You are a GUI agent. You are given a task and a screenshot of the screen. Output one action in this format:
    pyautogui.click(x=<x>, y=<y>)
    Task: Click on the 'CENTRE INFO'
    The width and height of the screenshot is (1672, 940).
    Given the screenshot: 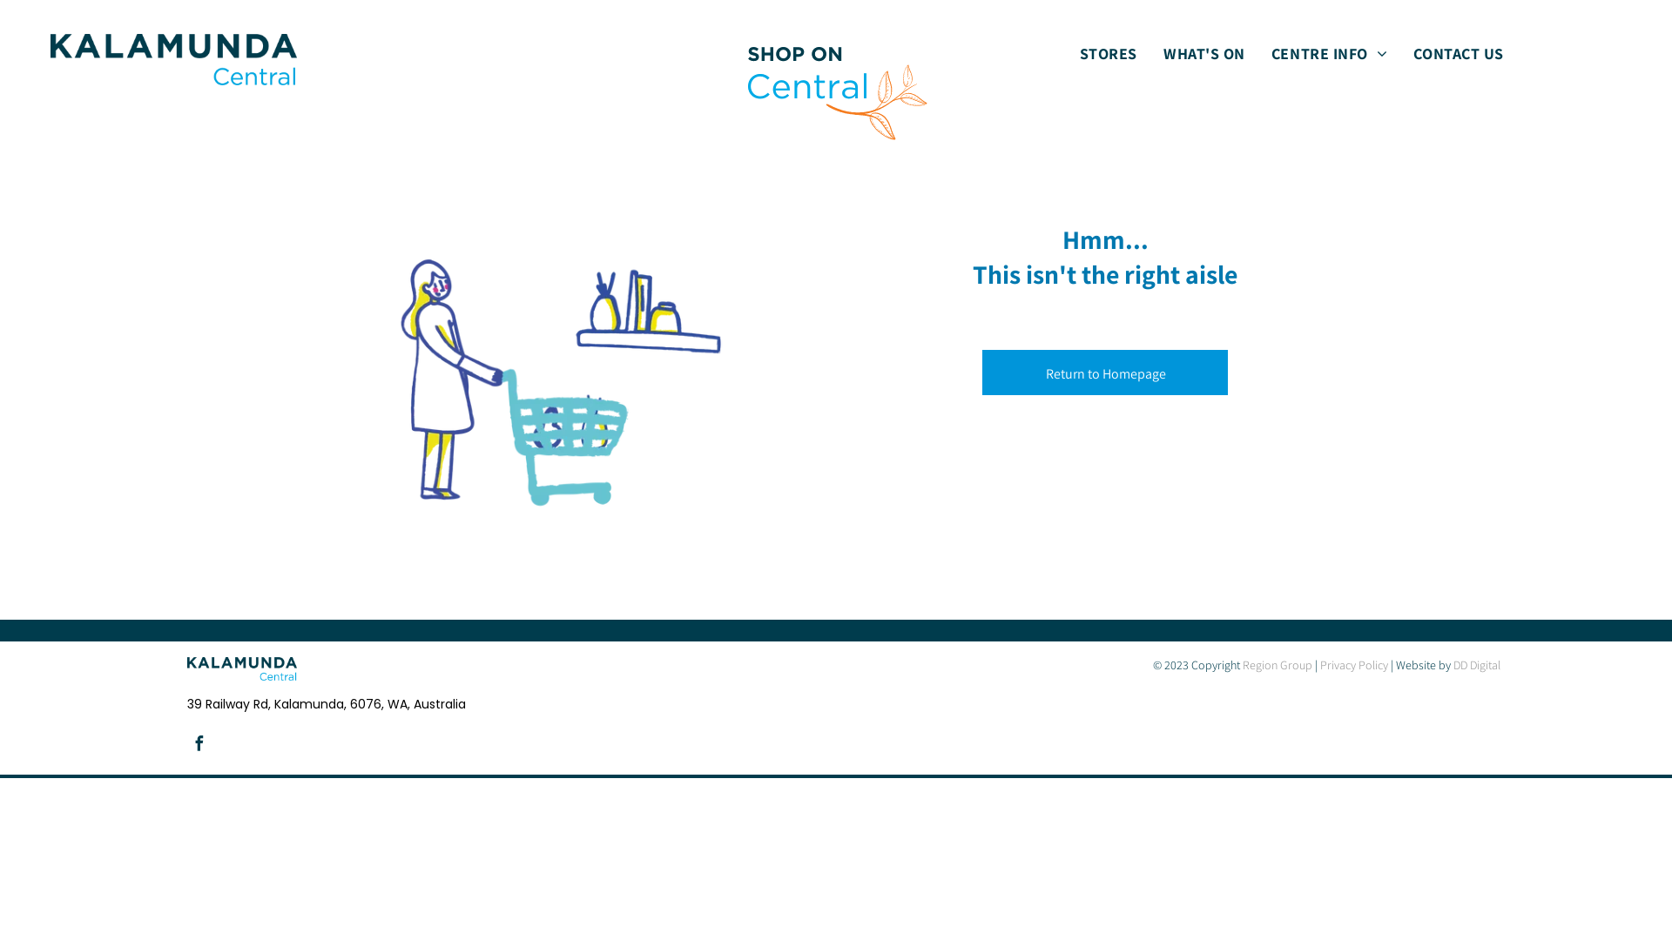 What is the action you would take?
    pyautogui.click(x=1328, y=52)
    